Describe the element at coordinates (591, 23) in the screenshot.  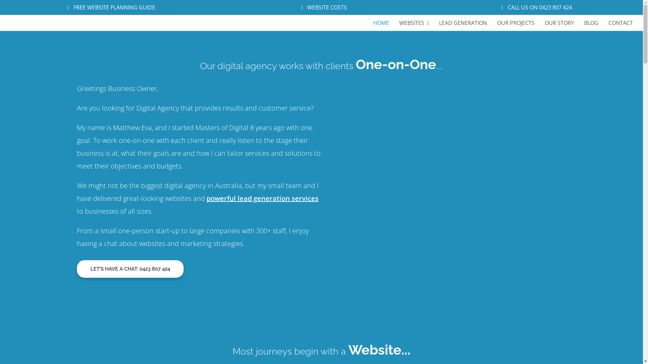
I see `'BLOG'` at that location.